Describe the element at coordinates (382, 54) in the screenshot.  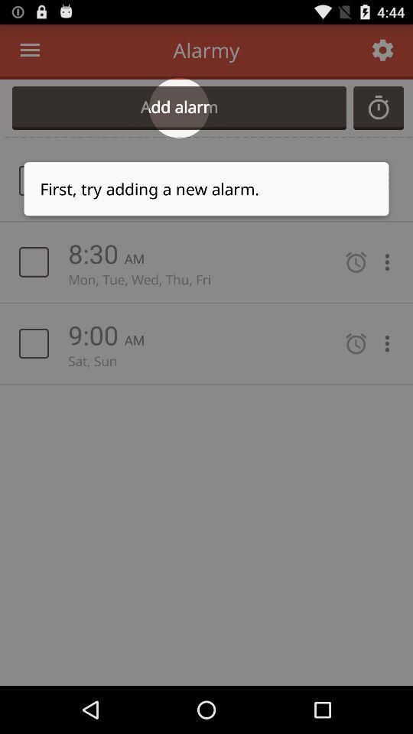
I see `the settings icon` at that location.